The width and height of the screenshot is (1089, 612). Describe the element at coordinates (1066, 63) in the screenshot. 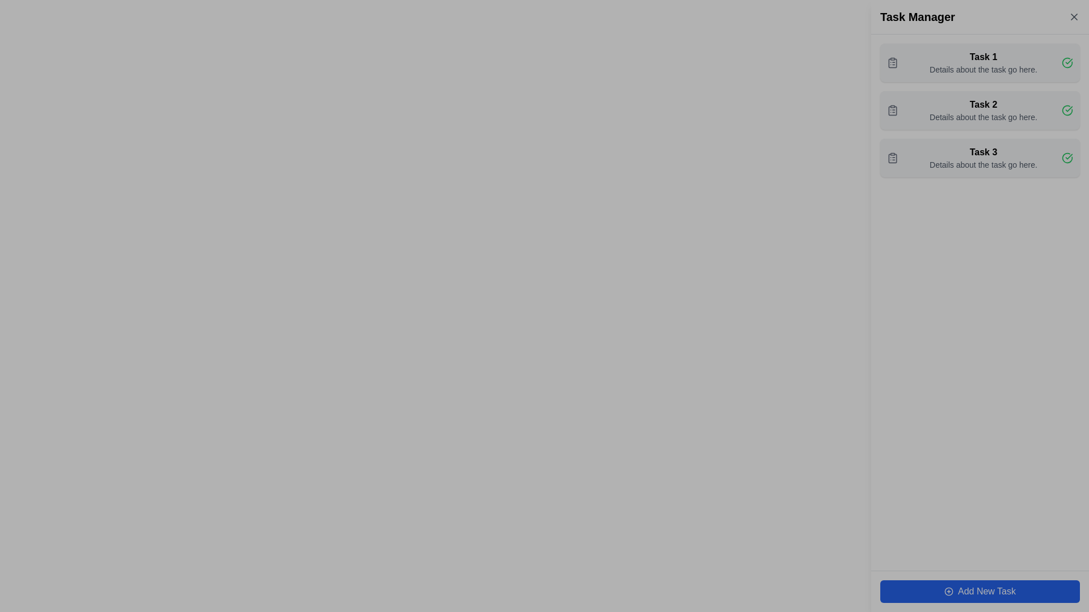

I see `the green checkmark icon with a circular outline located in the top-right corner of the first task card within the 'Task Manager' panel, adjacent to the task title 'Task 1'` at that location.